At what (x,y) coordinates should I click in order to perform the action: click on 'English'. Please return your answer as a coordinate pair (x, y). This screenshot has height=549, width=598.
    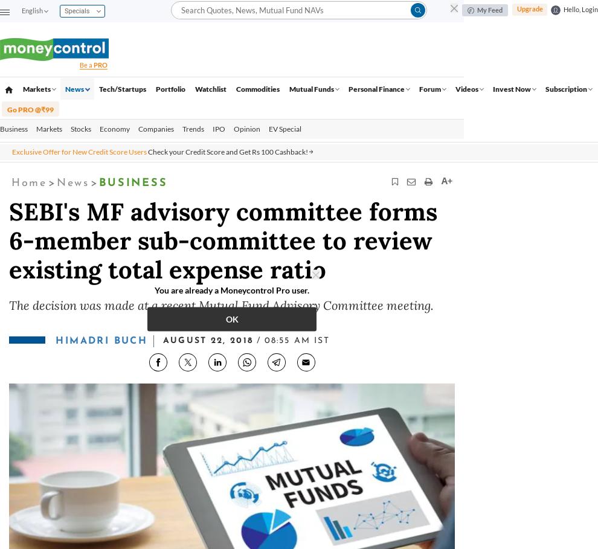
    Looking at the image, I should click on (32, 10).